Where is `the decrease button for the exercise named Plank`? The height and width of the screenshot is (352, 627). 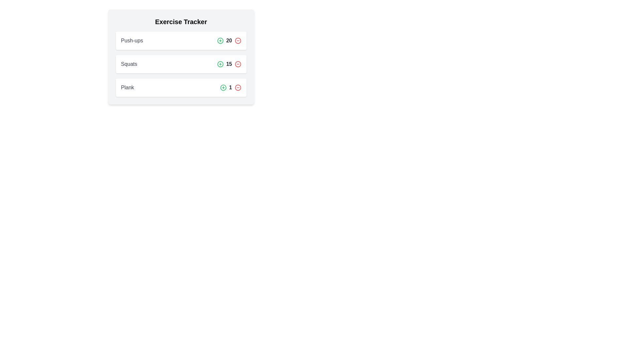 the decrease button for the exercise named Plank is located at coordinates (237, 87).